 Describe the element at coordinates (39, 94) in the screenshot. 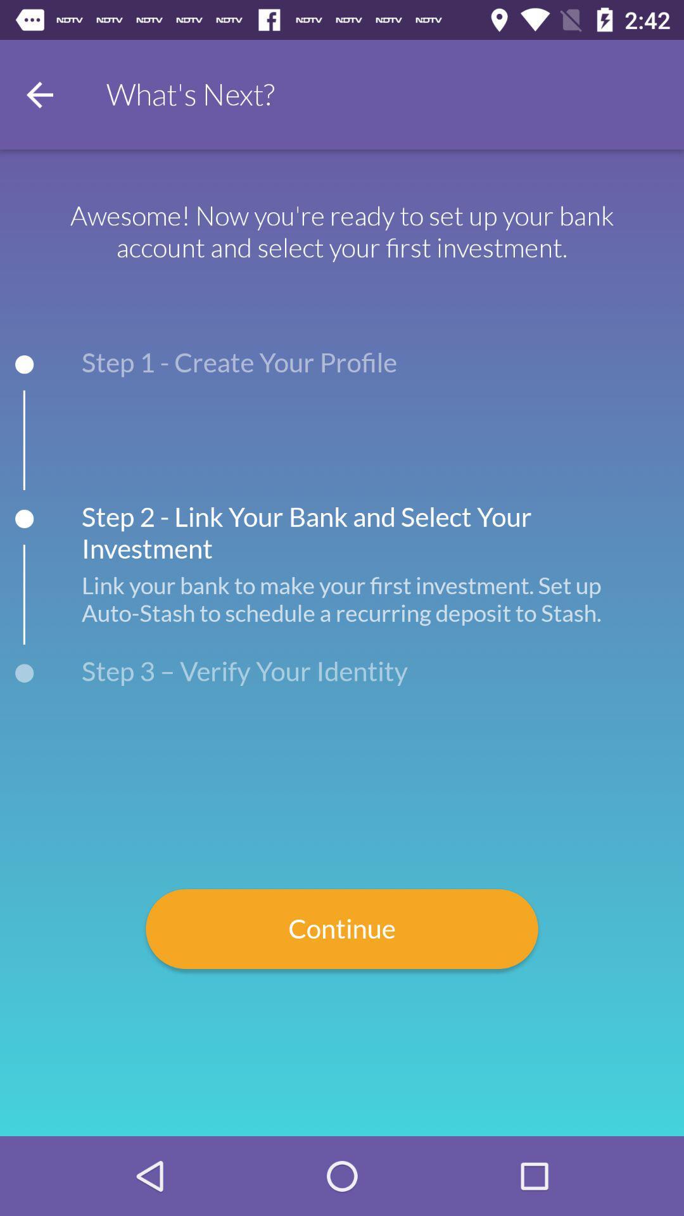

I see `go back` at that location.